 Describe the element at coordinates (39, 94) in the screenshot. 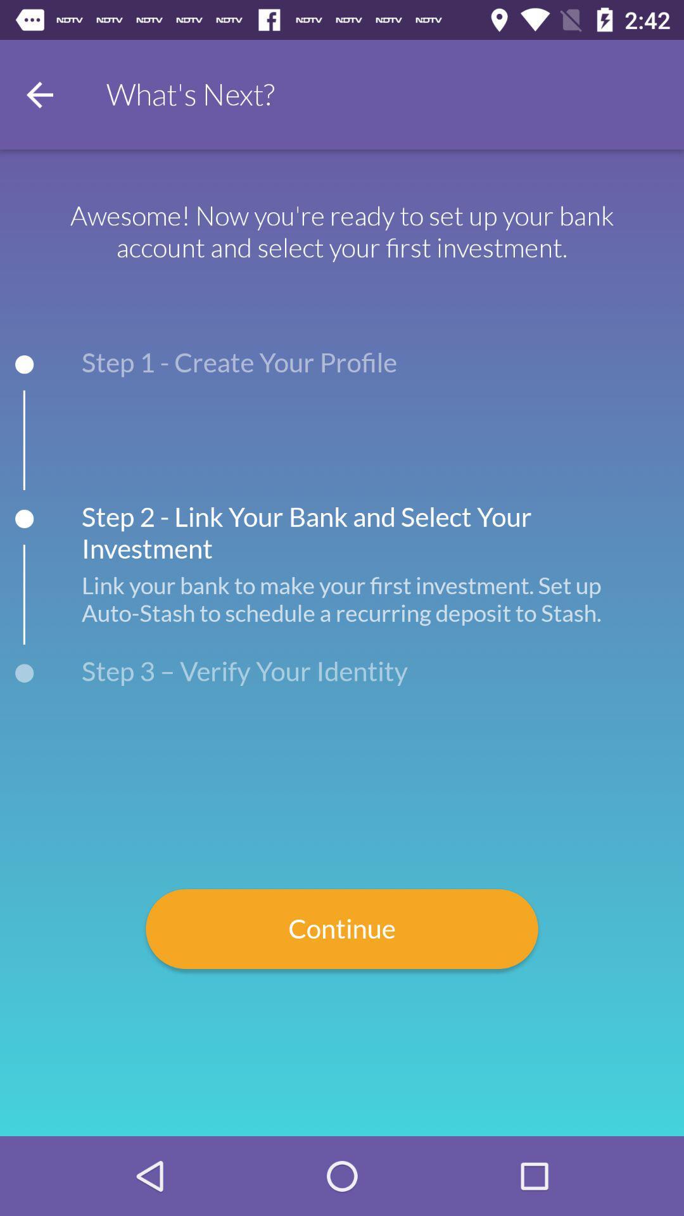

I see `go back` at that location.